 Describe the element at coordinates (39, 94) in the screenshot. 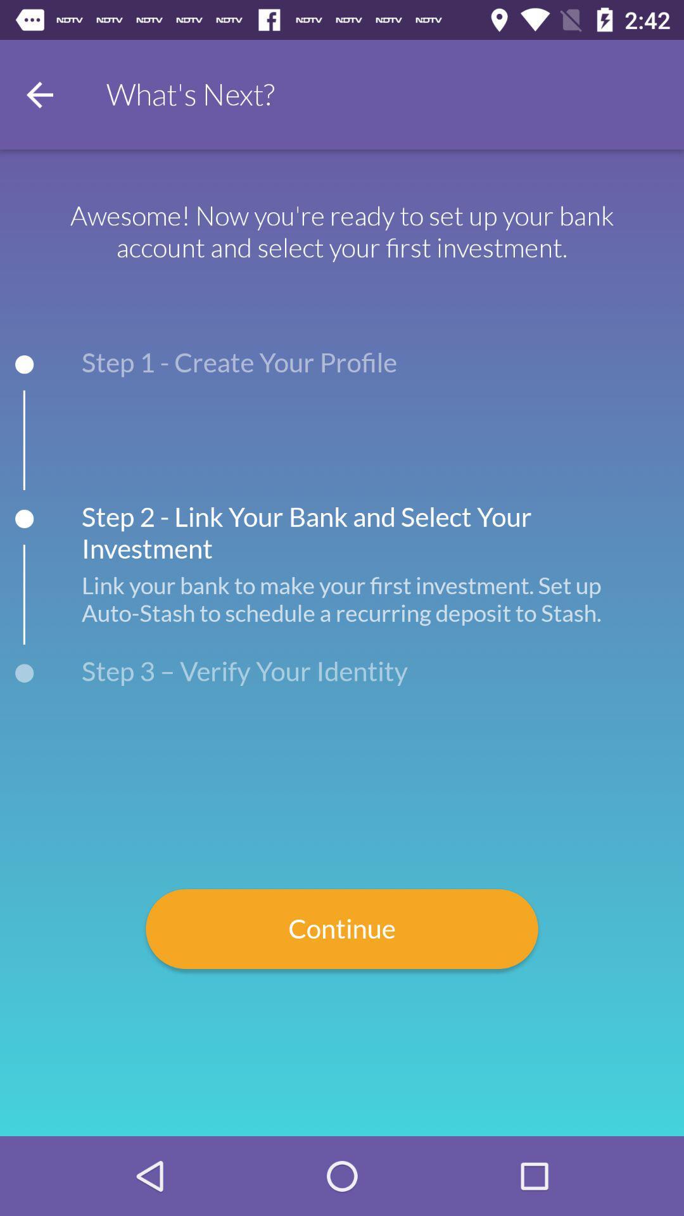

I see `go back` at that location.